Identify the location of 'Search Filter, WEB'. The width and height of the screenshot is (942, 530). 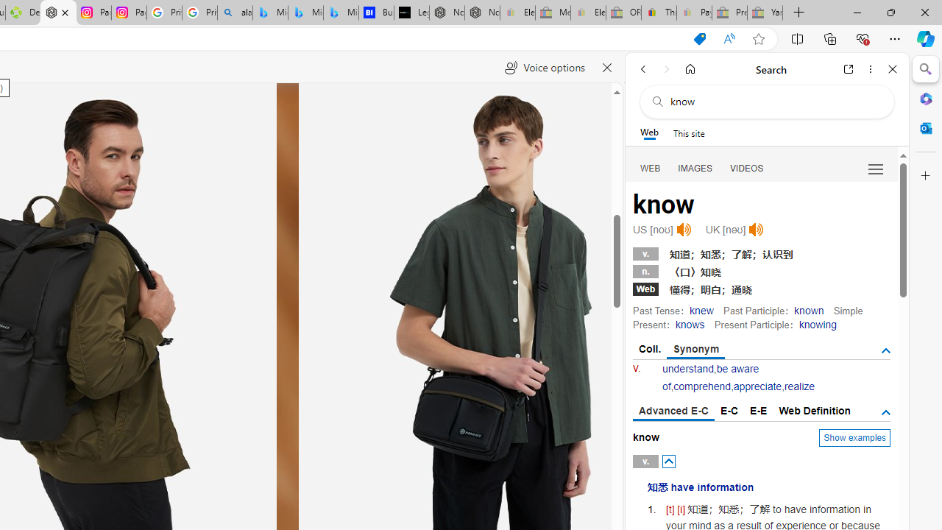
(650, 167).